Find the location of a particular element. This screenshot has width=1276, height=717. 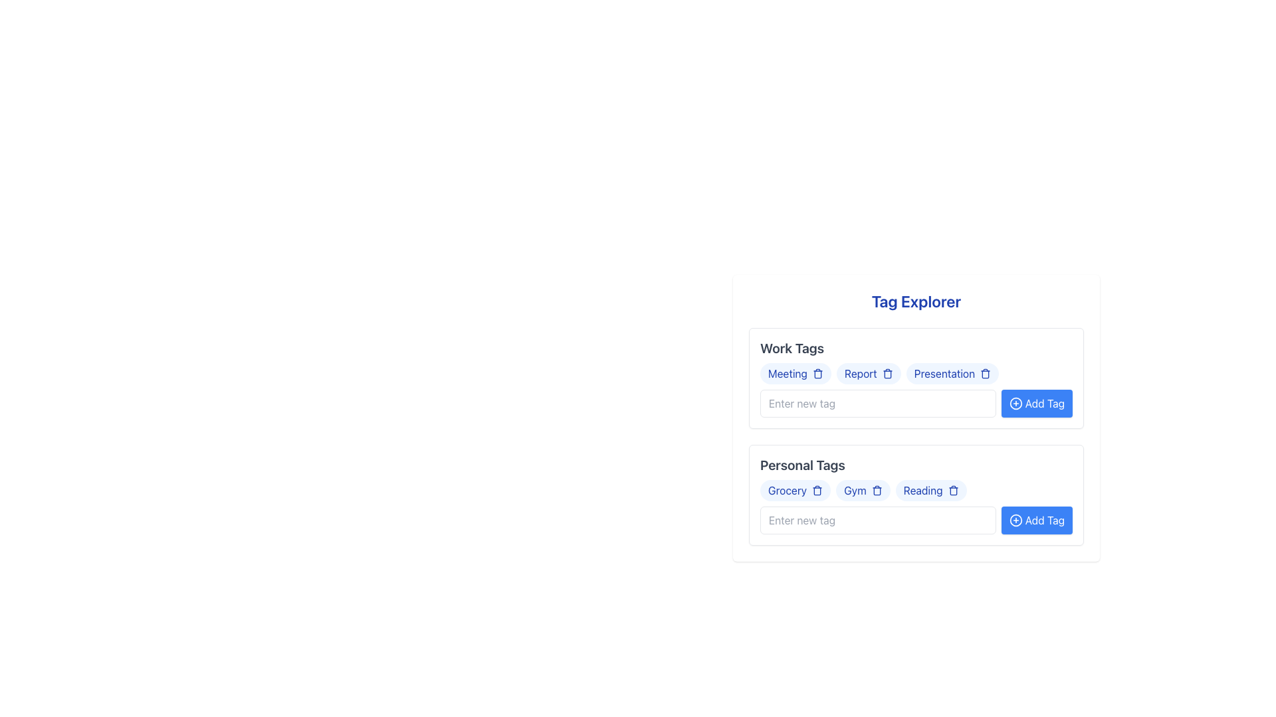

the Circle component within the SVG graphic of the 'Add Tag' button, which indicates adding a new item is located at coordinates (1015, 519).